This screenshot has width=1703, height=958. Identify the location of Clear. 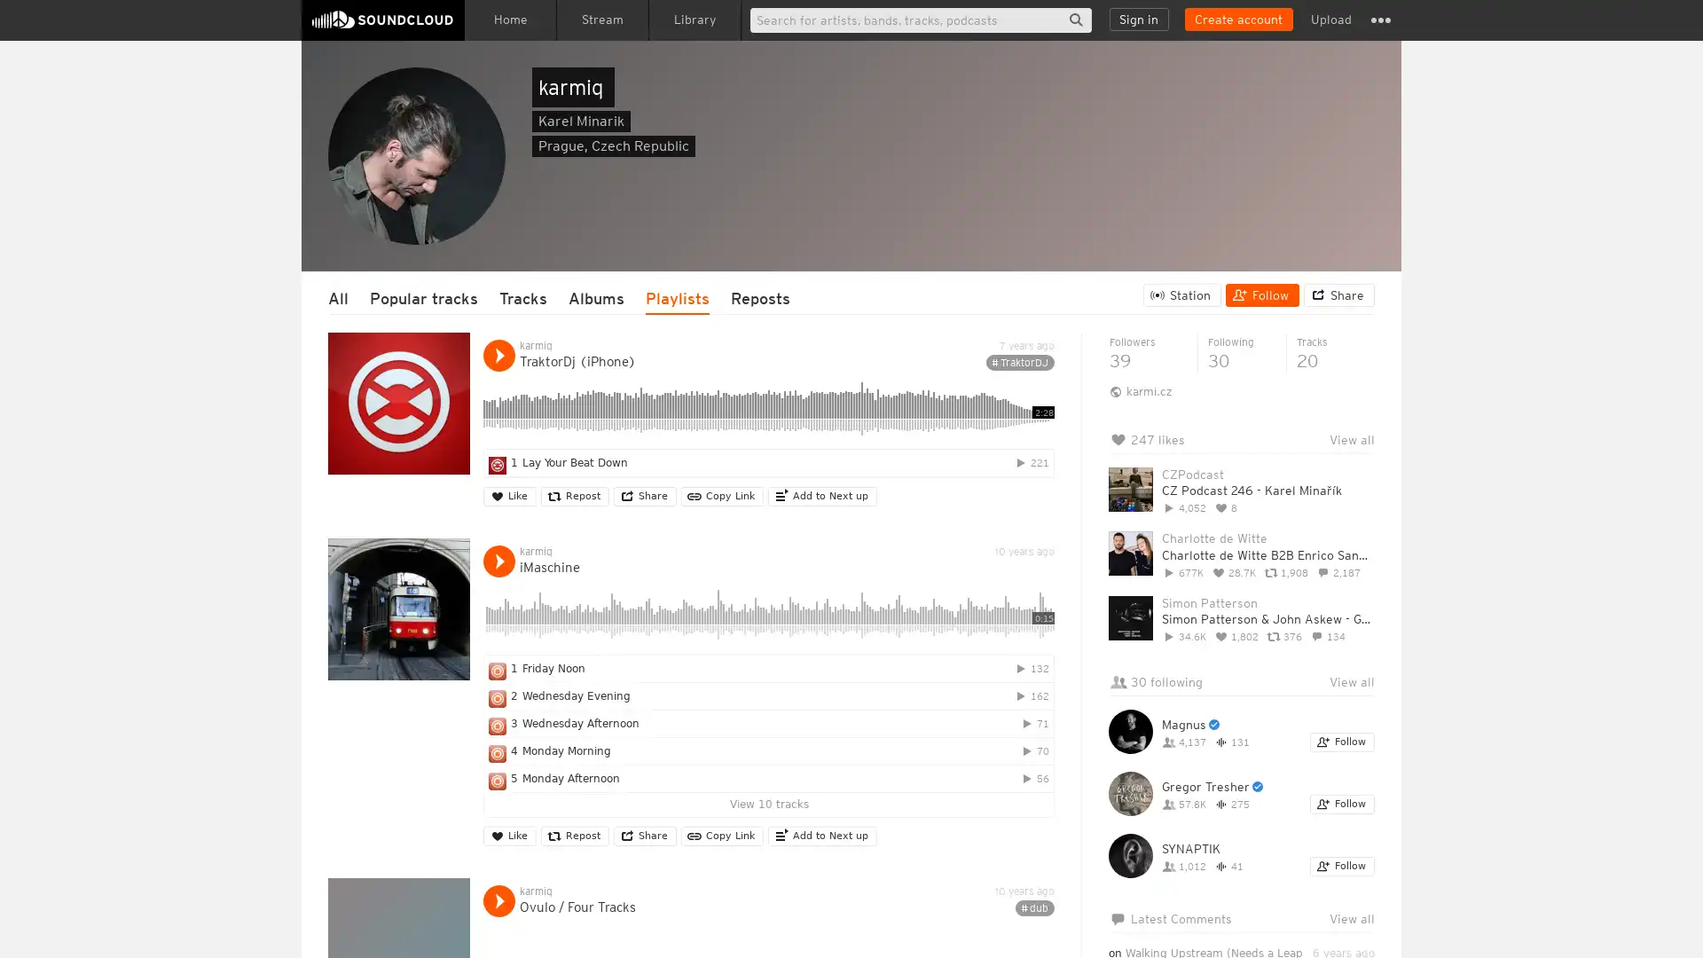
(1315, 484).